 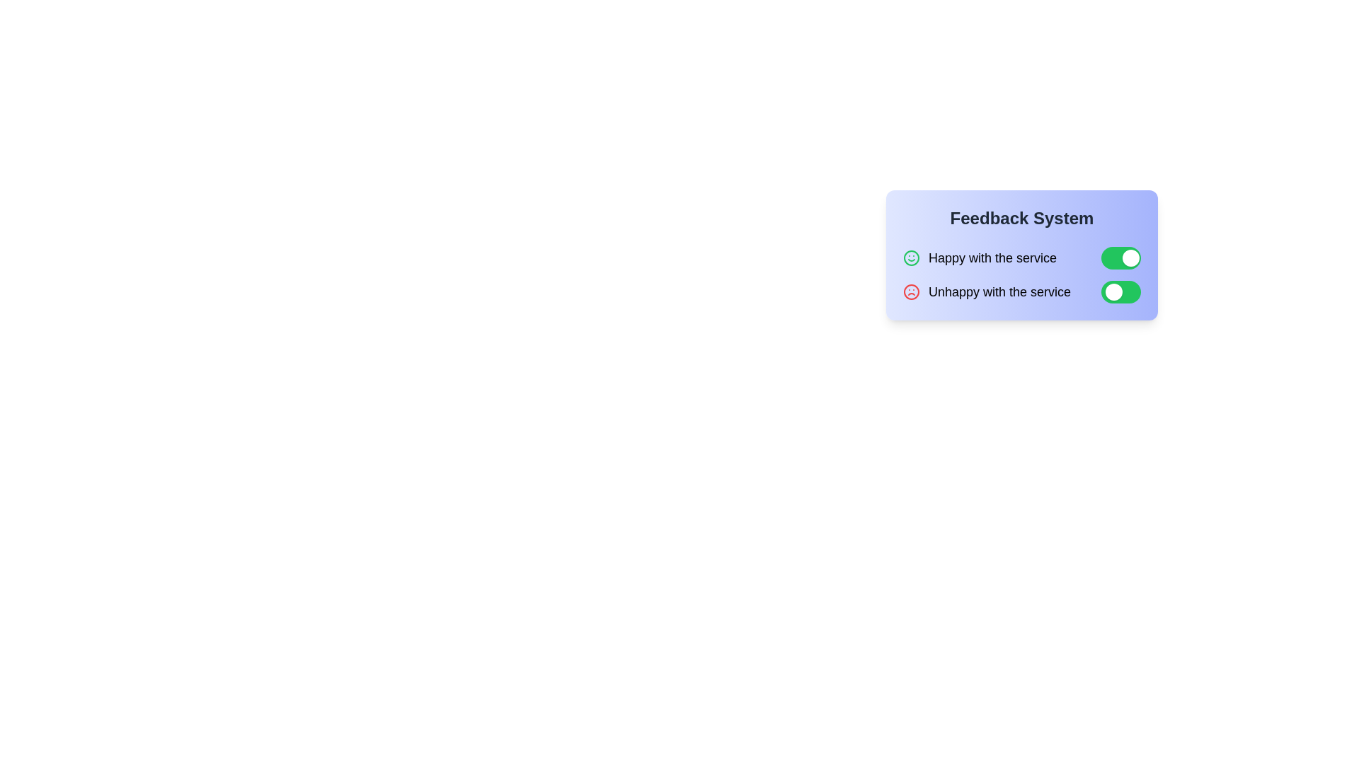 What do you see at coordinates (1113, 291) in the screenshot?
I see `the circular toggle switch handle located within the 'Feedback System' card, next to the 'Unhappy with the service' label` at bounding box center [1113, 291].